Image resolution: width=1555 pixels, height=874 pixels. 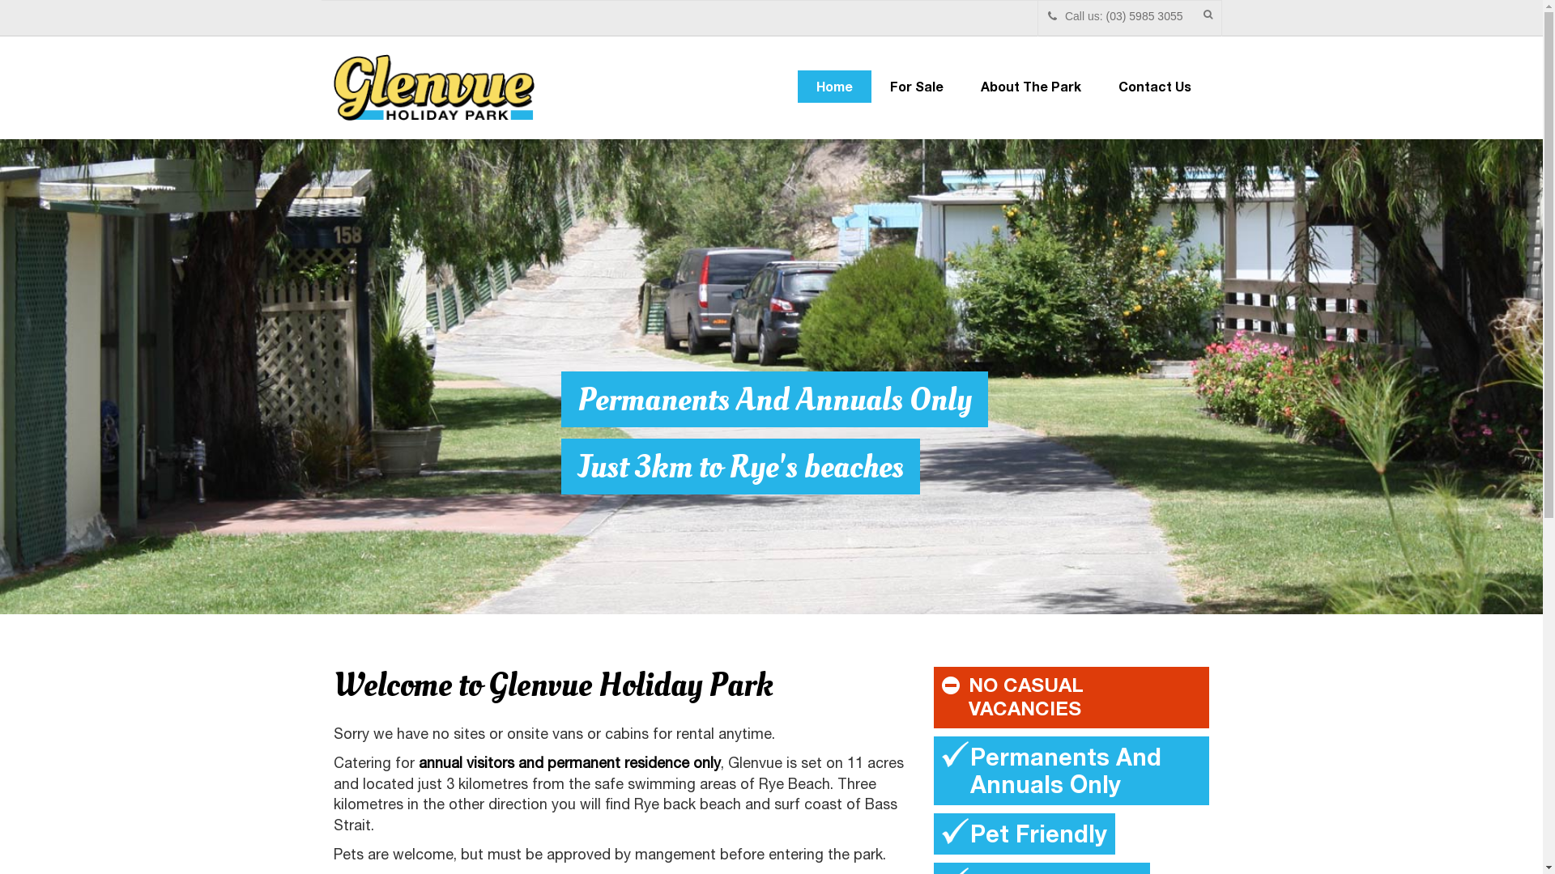 I want to click on 'Contact Us', so click(x=1153, y=87).